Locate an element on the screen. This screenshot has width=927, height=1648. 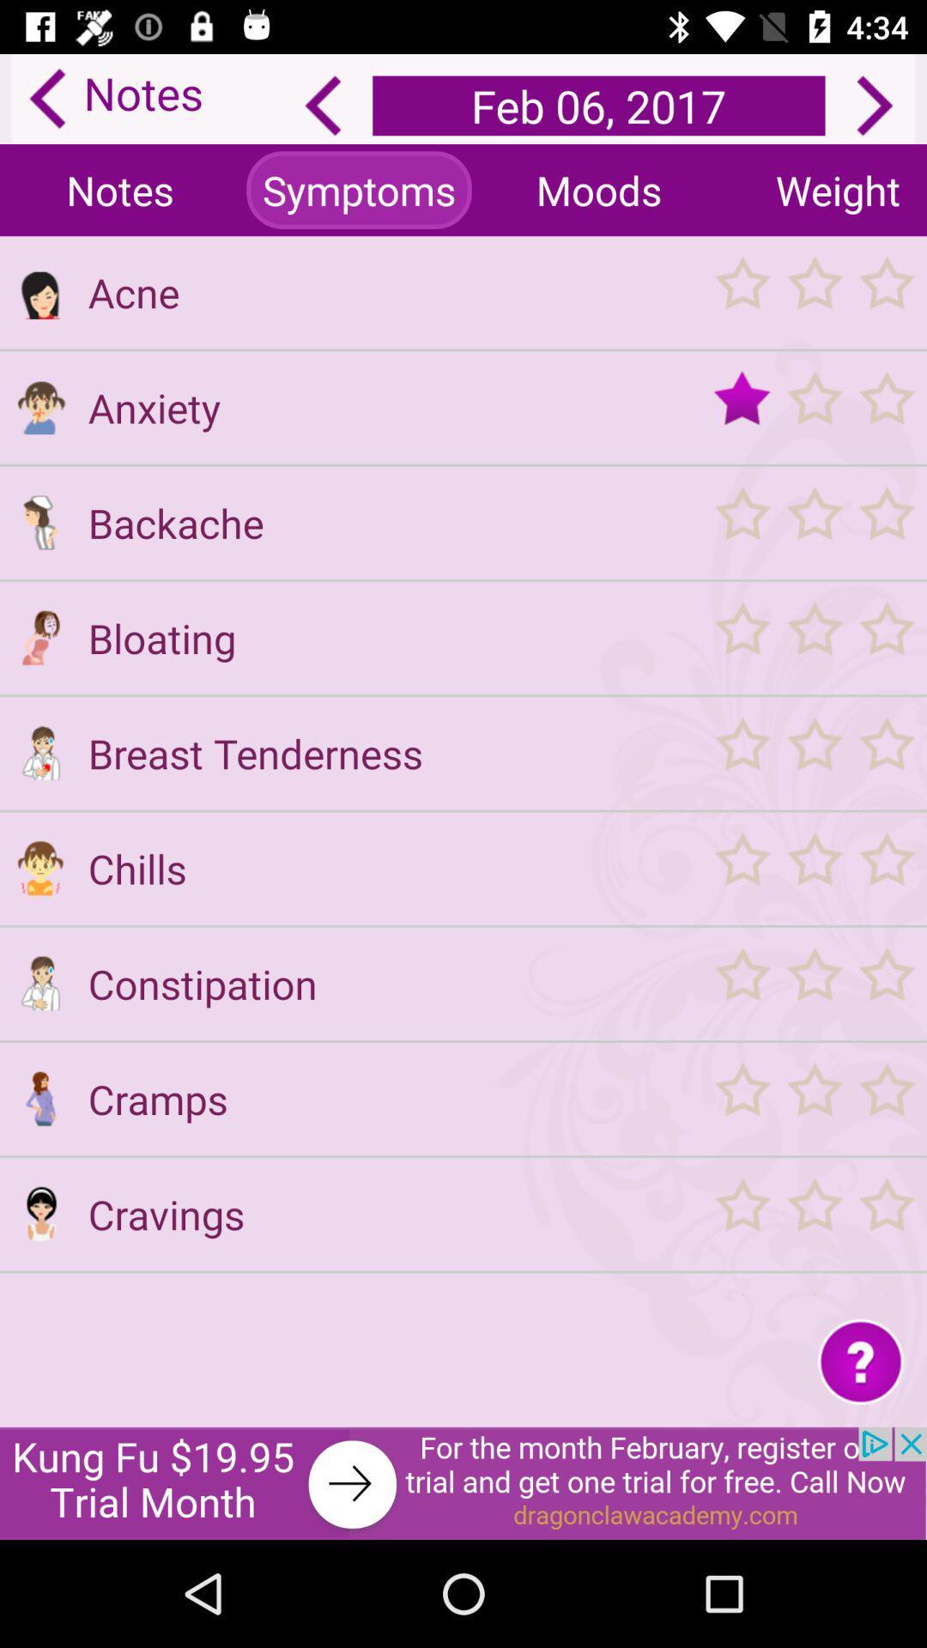
see symptoms for the chills is located at coordinates (39, 868).